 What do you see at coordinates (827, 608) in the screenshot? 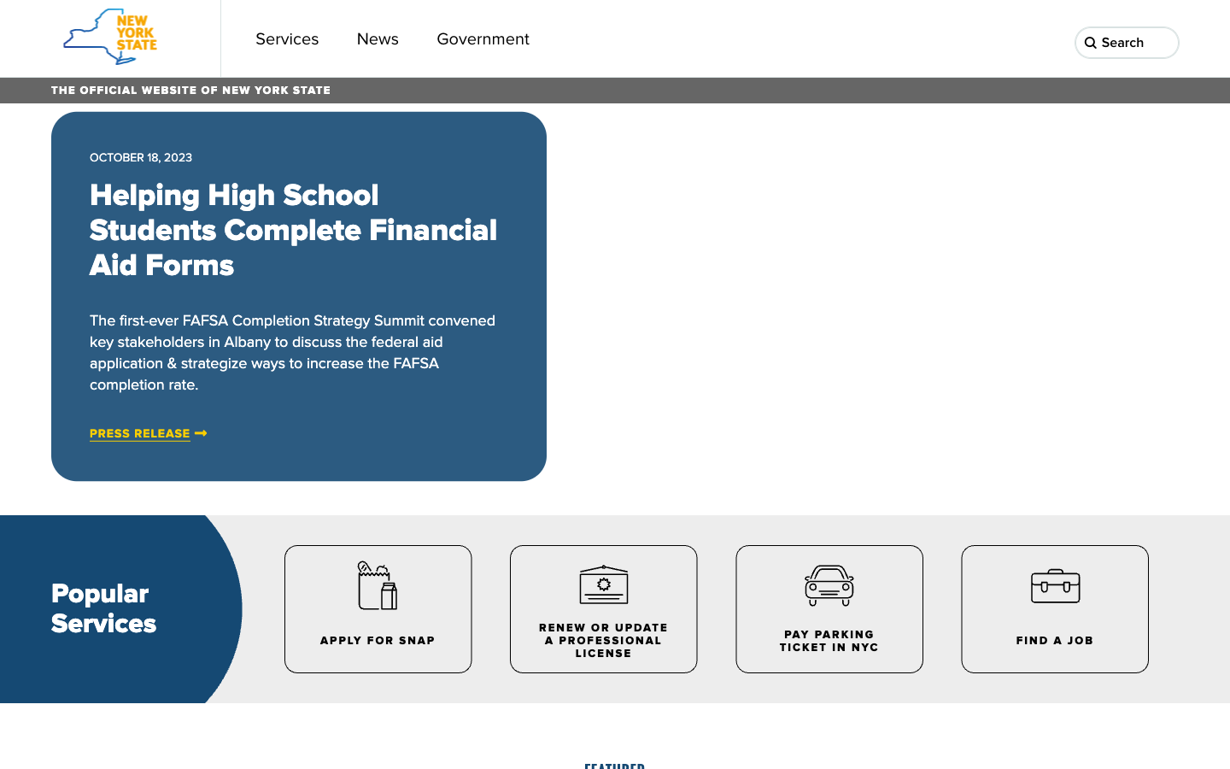
I see `the page to settle parking charges in NYC from the lower panel` at bounding box center [827, 608].